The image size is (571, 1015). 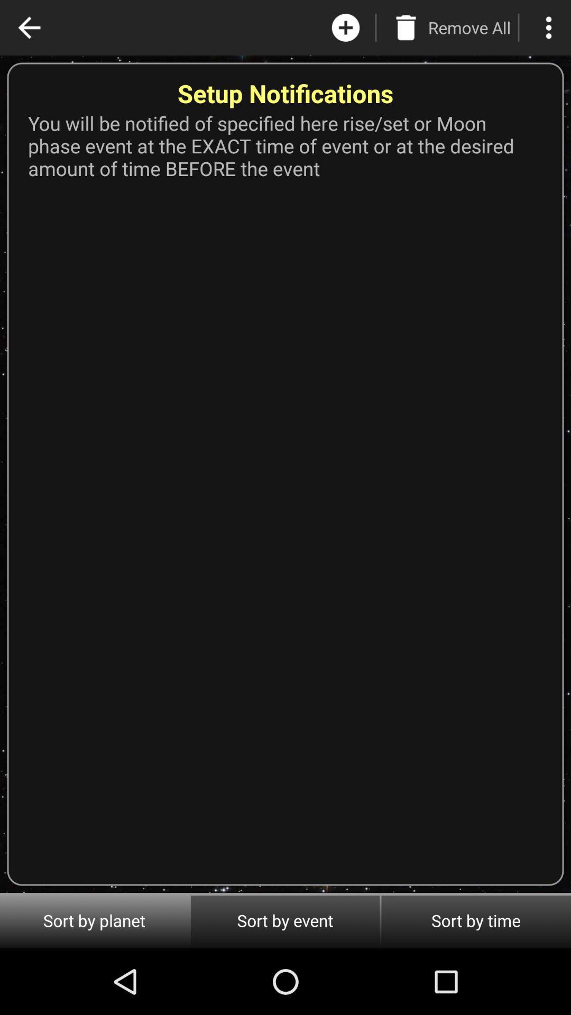 I want to click on delete/trash option, so click(x=405, y=27).